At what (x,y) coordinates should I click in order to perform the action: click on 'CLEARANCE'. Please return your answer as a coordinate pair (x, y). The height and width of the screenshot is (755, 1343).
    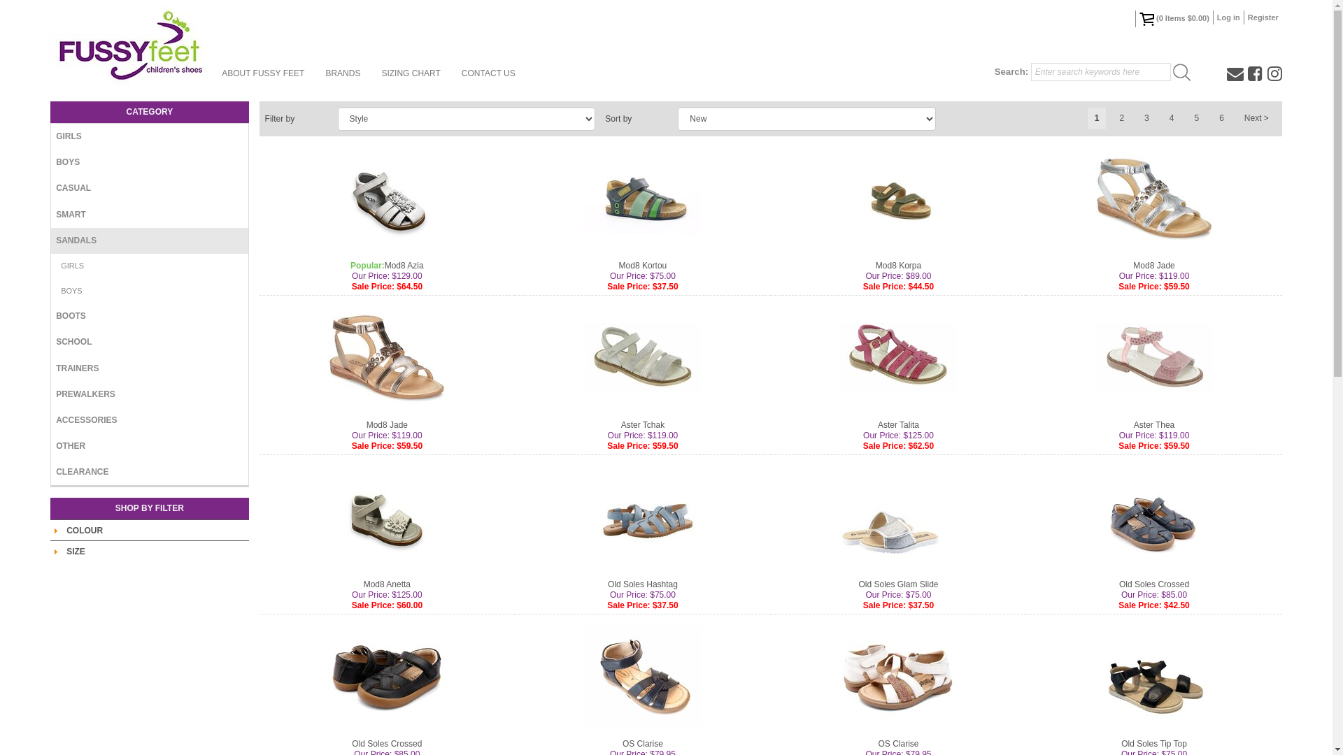
    Looking at the image, I should click on (149, 472).